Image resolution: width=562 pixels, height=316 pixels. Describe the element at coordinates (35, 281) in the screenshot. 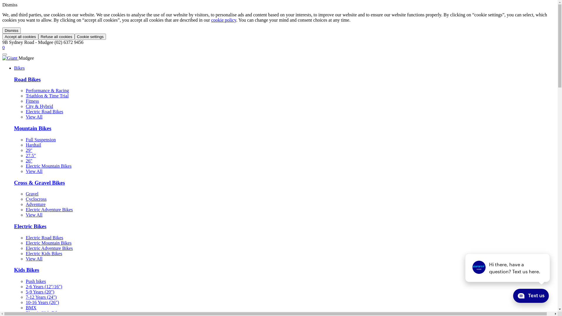

I see `'Push bikes'` at that location.